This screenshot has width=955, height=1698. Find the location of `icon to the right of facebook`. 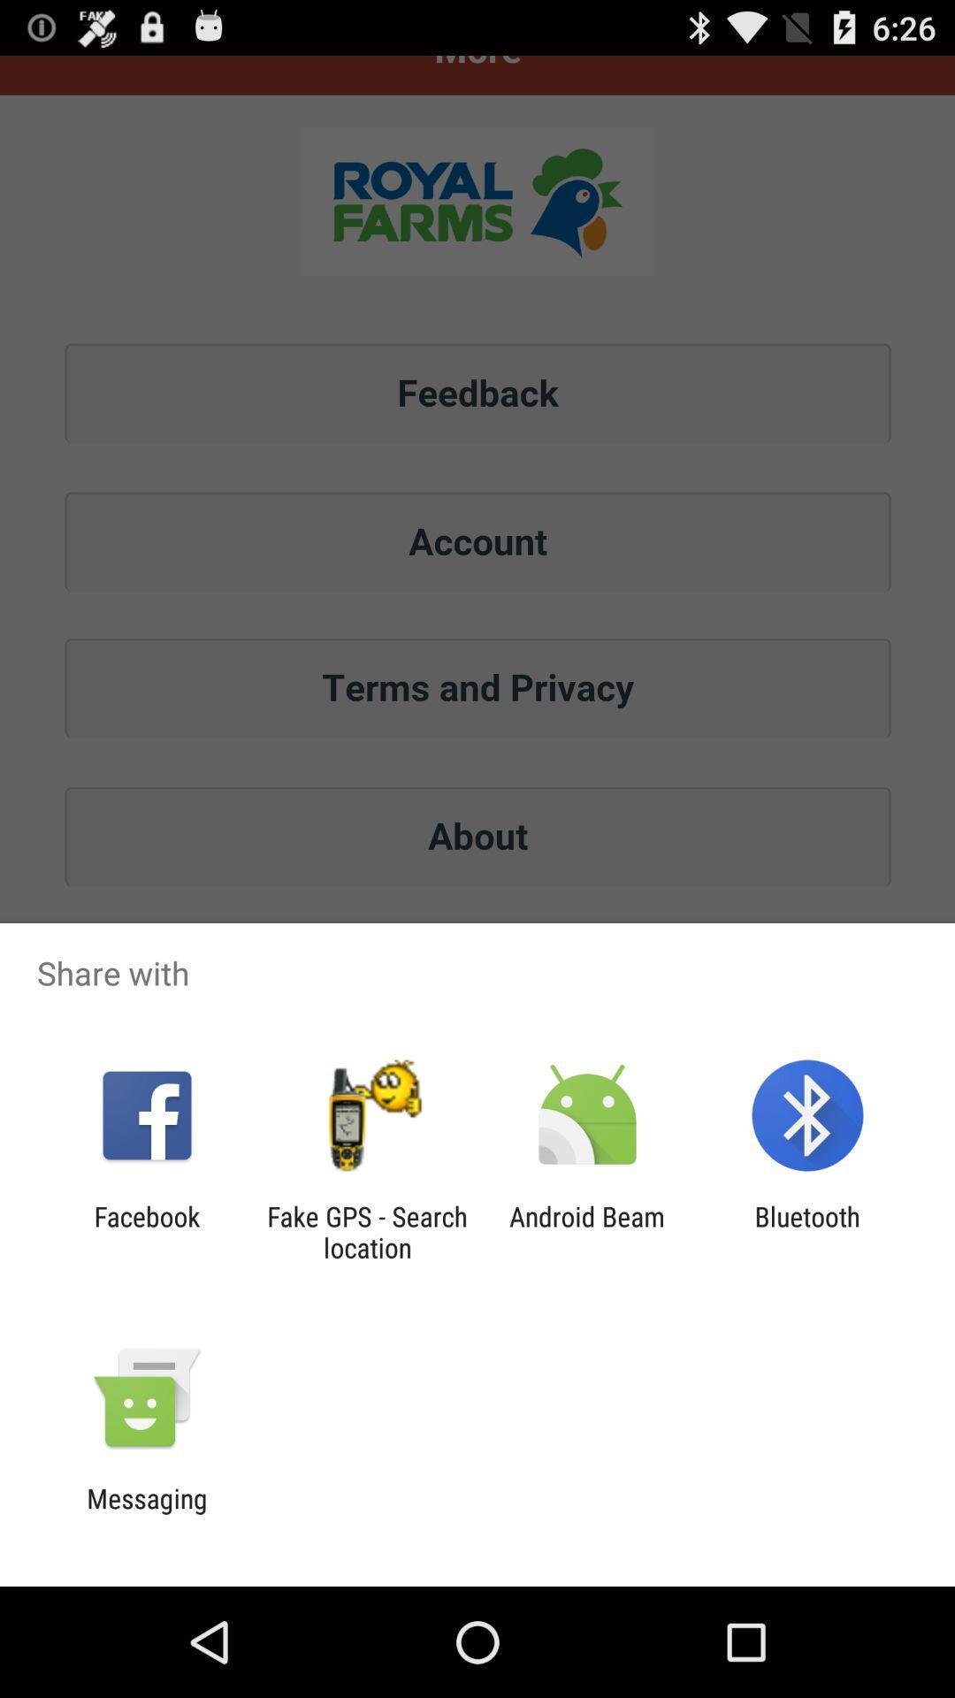

icon to the right of facebook is located at coordinates (366, 1231).